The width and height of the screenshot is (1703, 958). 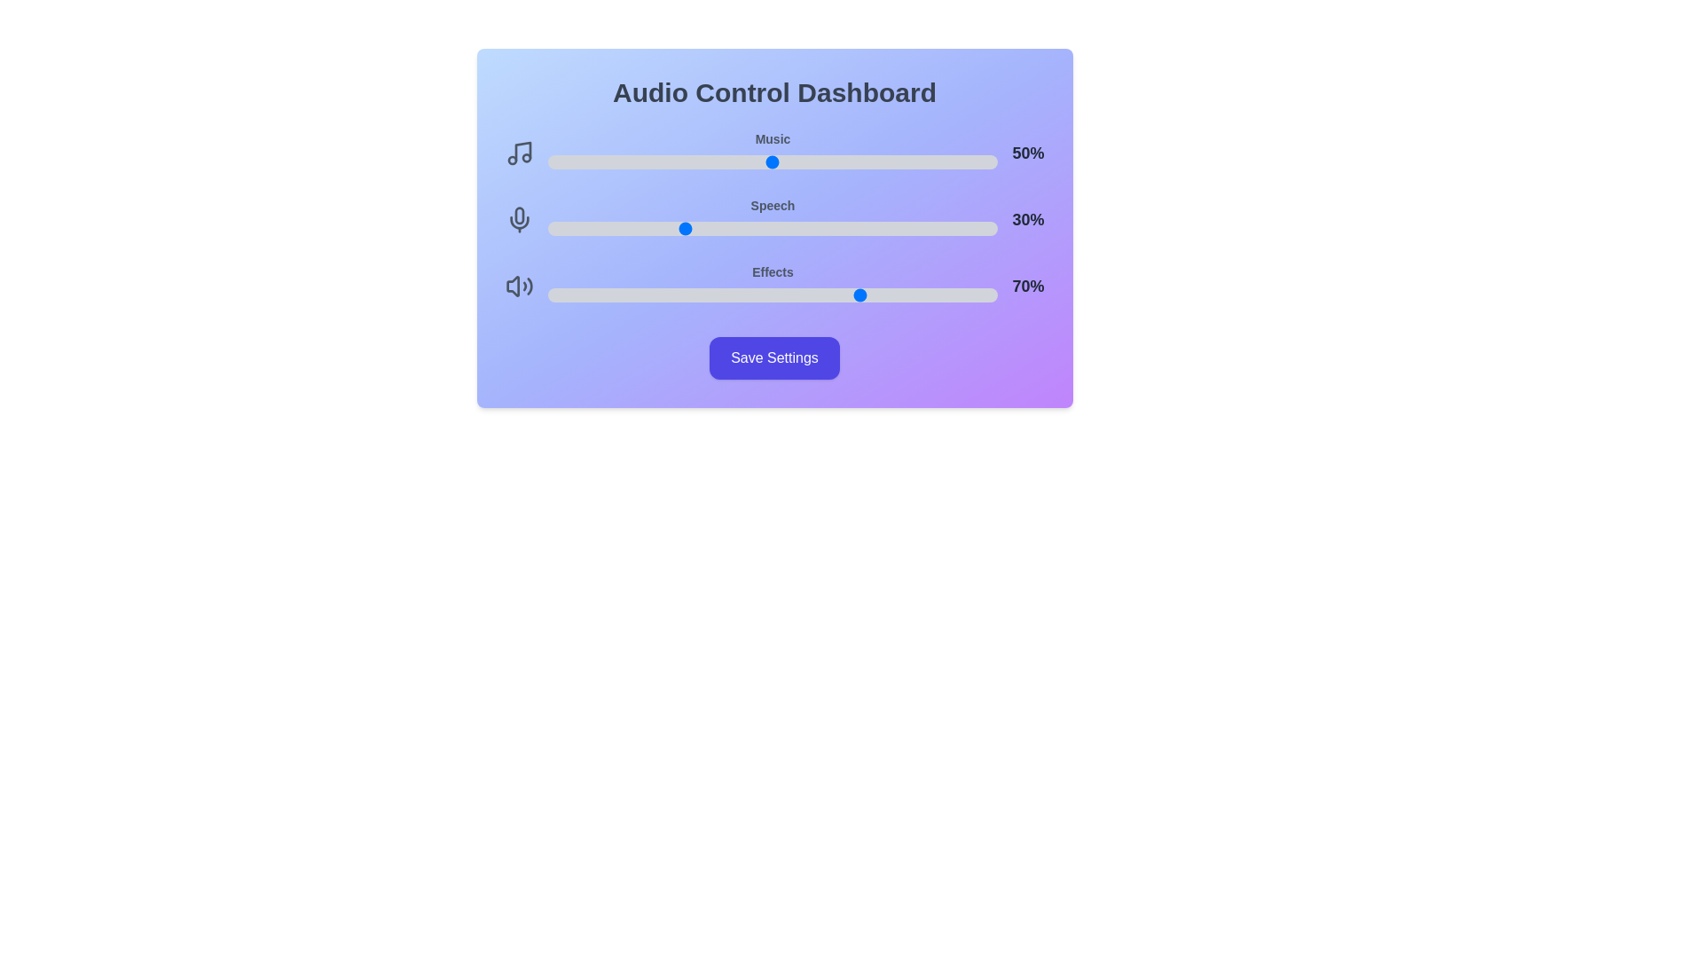 I want to click on the music volume slider to 6%, so click(x=575, y=161).